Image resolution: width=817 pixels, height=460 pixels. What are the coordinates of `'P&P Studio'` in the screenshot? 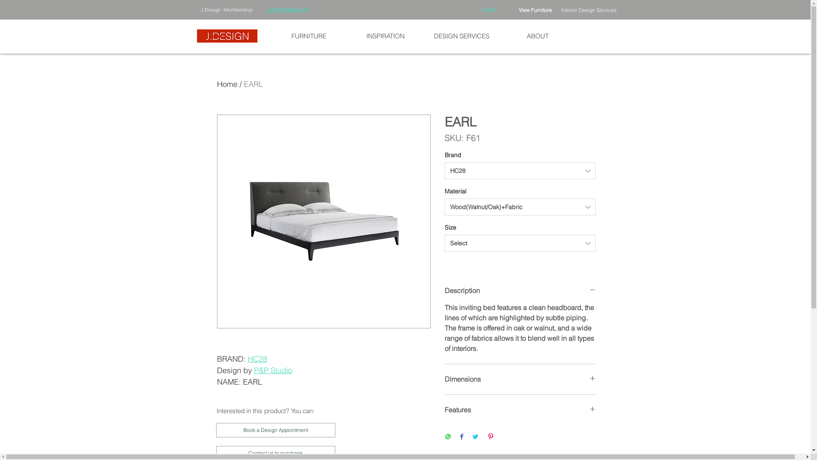 It's located at (273, 370).